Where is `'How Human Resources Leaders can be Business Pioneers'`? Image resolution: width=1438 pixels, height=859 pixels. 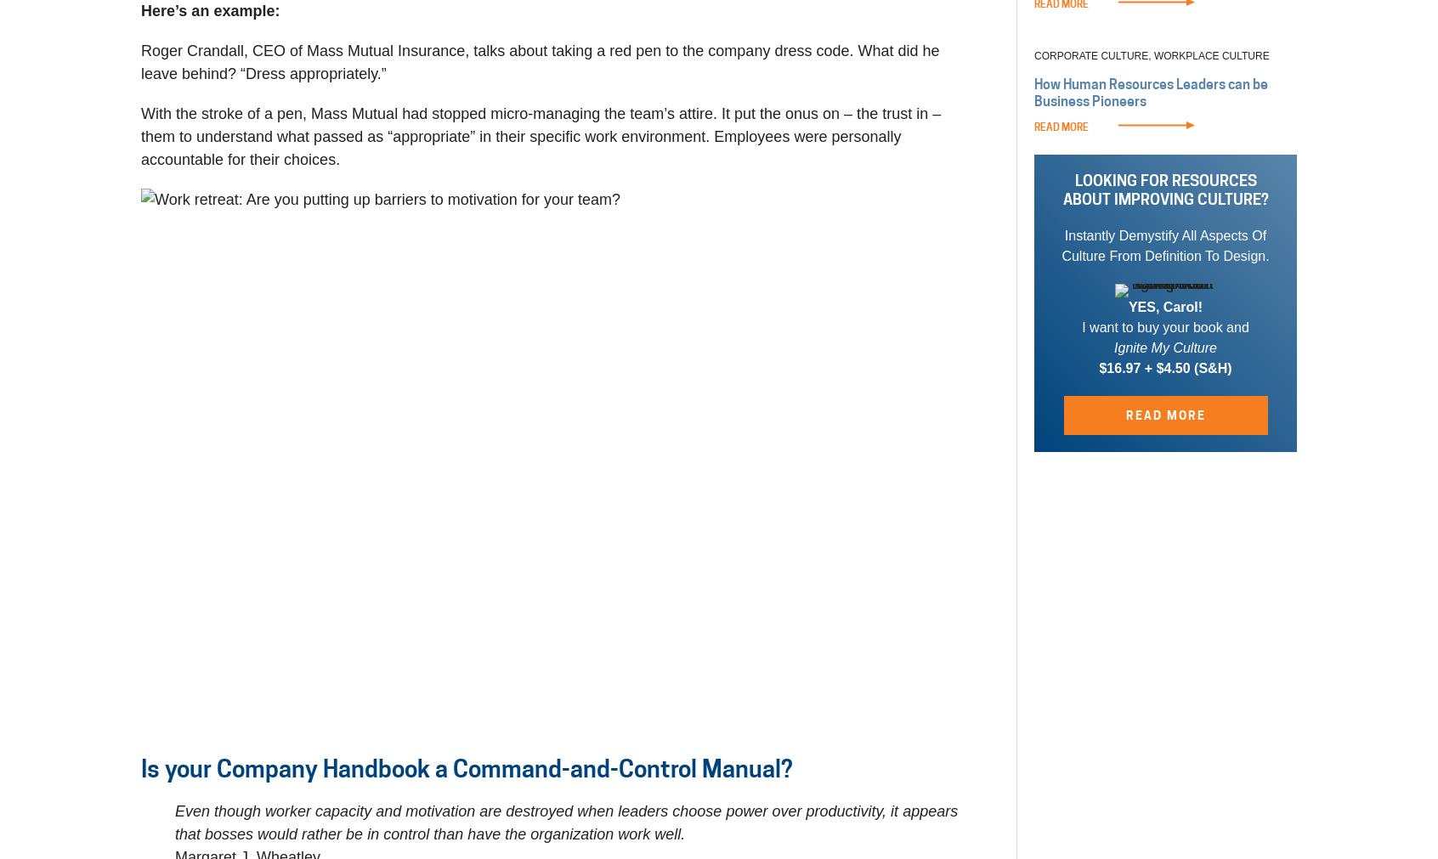
'How Human Resources Leaders can be Business Pioneers' is located at coordinates (1151, 92).